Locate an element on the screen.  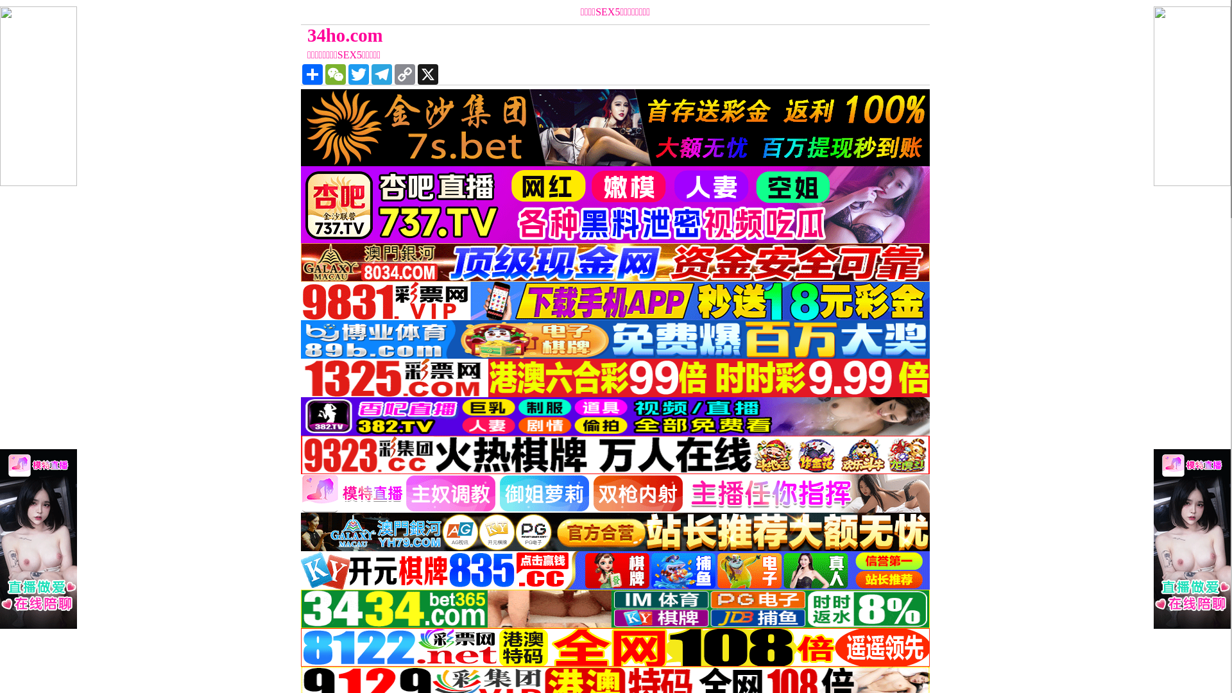
'Copy Link' is located at coordinates (404, 74).